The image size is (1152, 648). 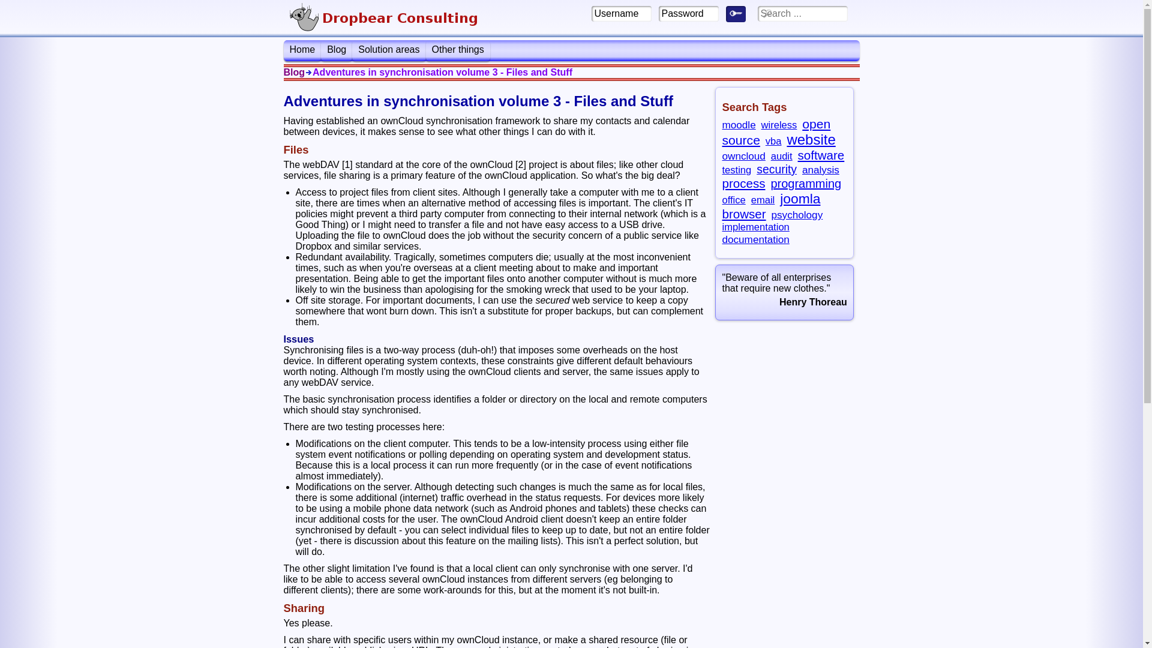 I want to click on 'open source', so click(x=776, y=131).